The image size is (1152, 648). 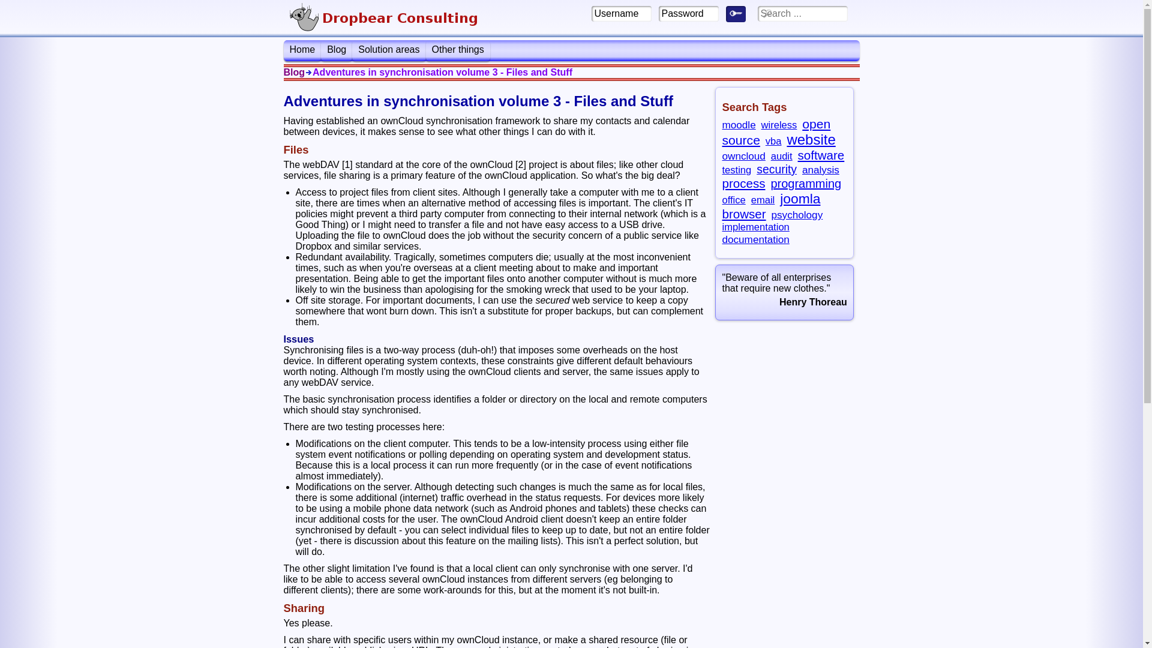 I want to click on 'open source', so click(x=776, y=131).